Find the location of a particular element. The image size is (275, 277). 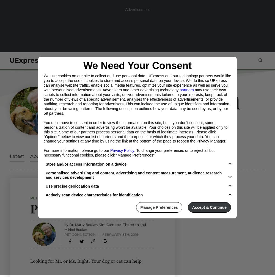

'A-Z' is located at coordinates (218, 60).